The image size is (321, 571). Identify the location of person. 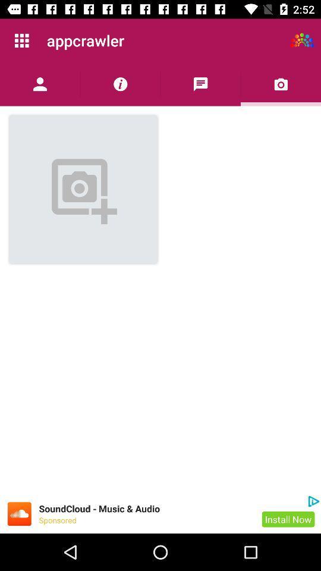
(40, 83).